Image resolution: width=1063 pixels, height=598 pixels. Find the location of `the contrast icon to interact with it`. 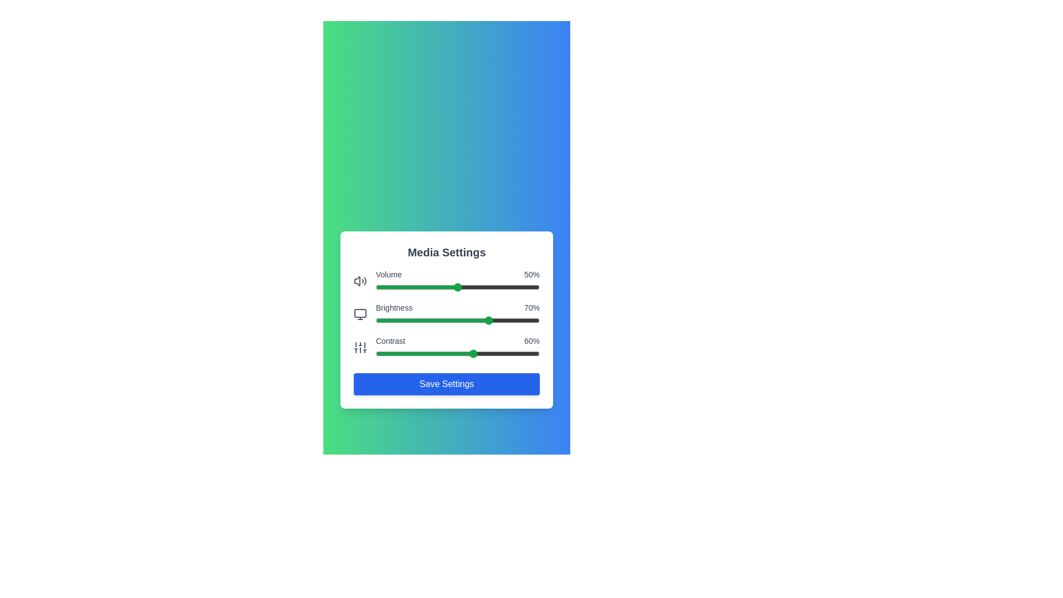

the contrast icon to interact with it is located at coordinates (360, 347).